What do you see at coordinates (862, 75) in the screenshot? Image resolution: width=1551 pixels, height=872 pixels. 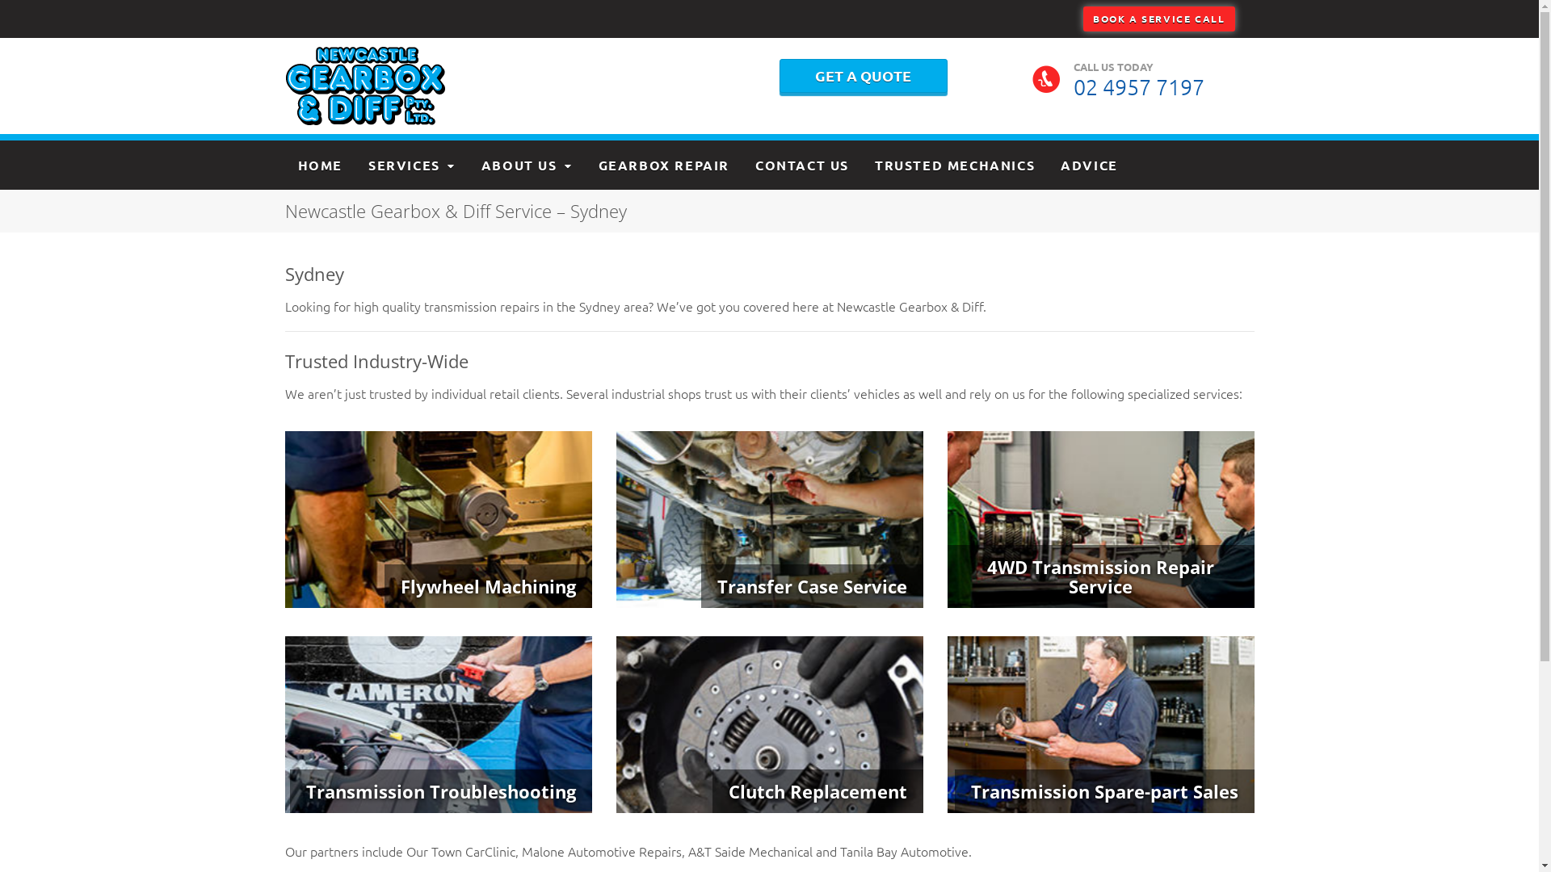 I see `'GET A QUOTE'` at bounding box center [862, 75].